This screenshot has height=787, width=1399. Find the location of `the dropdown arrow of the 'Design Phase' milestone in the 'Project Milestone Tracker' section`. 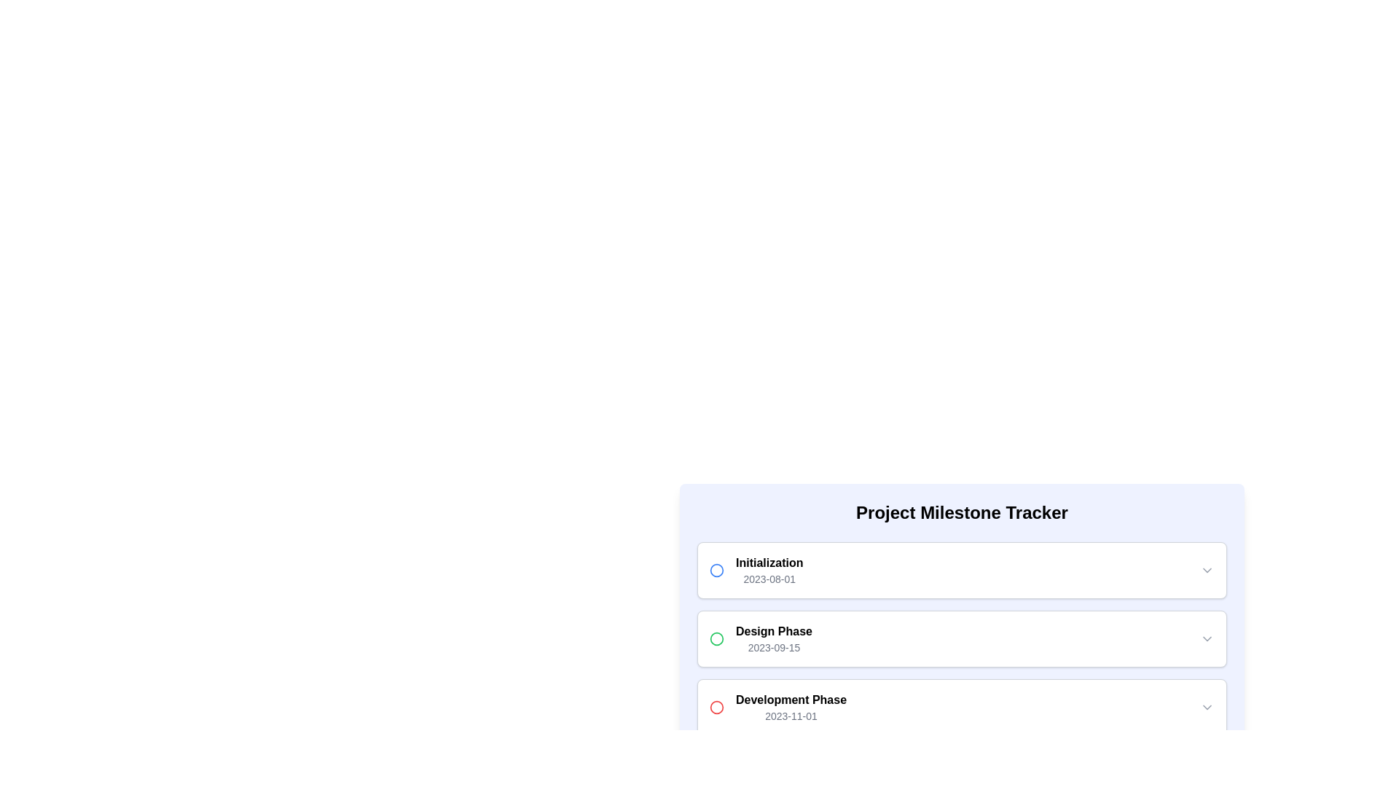

the dropdown arrow of the 'Design Phase' milestone in the 'Project Milestone Tracker' section is located at coordinates (962, 638).